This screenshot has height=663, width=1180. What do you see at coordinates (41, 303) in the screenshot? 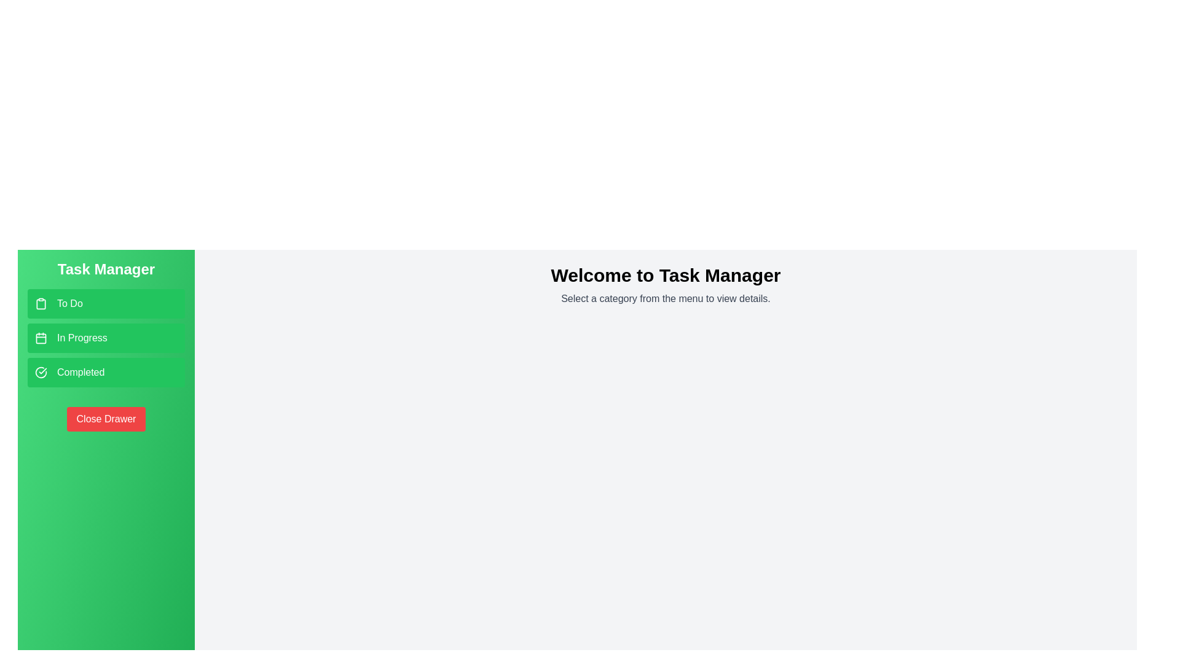
I see `the icon next to the category name To Do` at bounding box center [41, 303].